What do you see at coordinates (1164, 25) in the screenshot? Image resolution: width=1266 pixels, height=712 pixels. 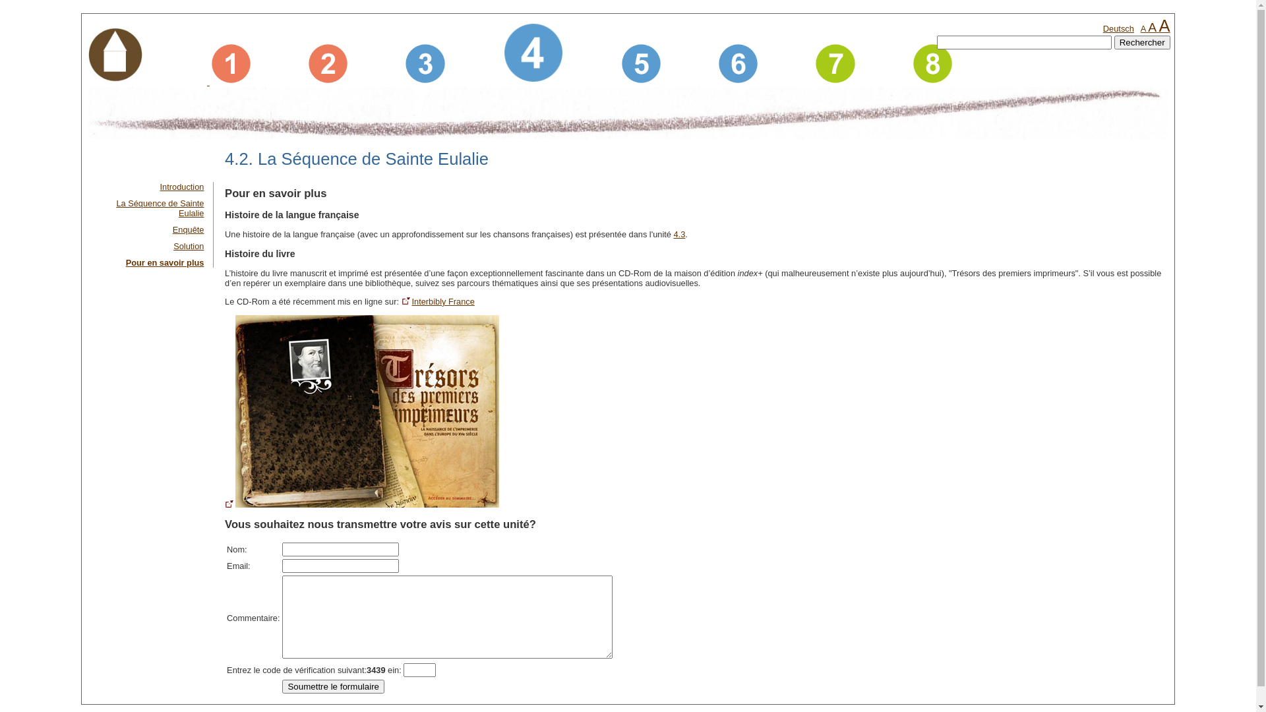 I see `'A'` at bounding box center [1164, 25].